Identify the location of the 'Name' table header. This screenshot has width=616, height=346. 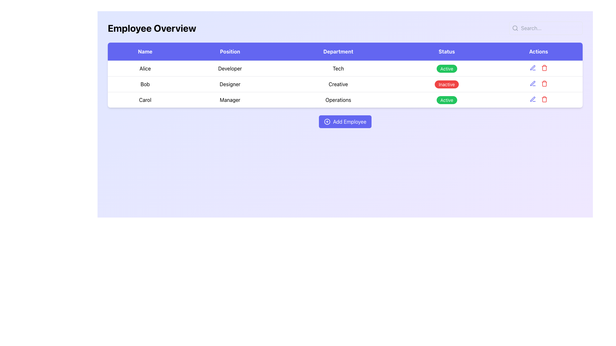
(145, 51).